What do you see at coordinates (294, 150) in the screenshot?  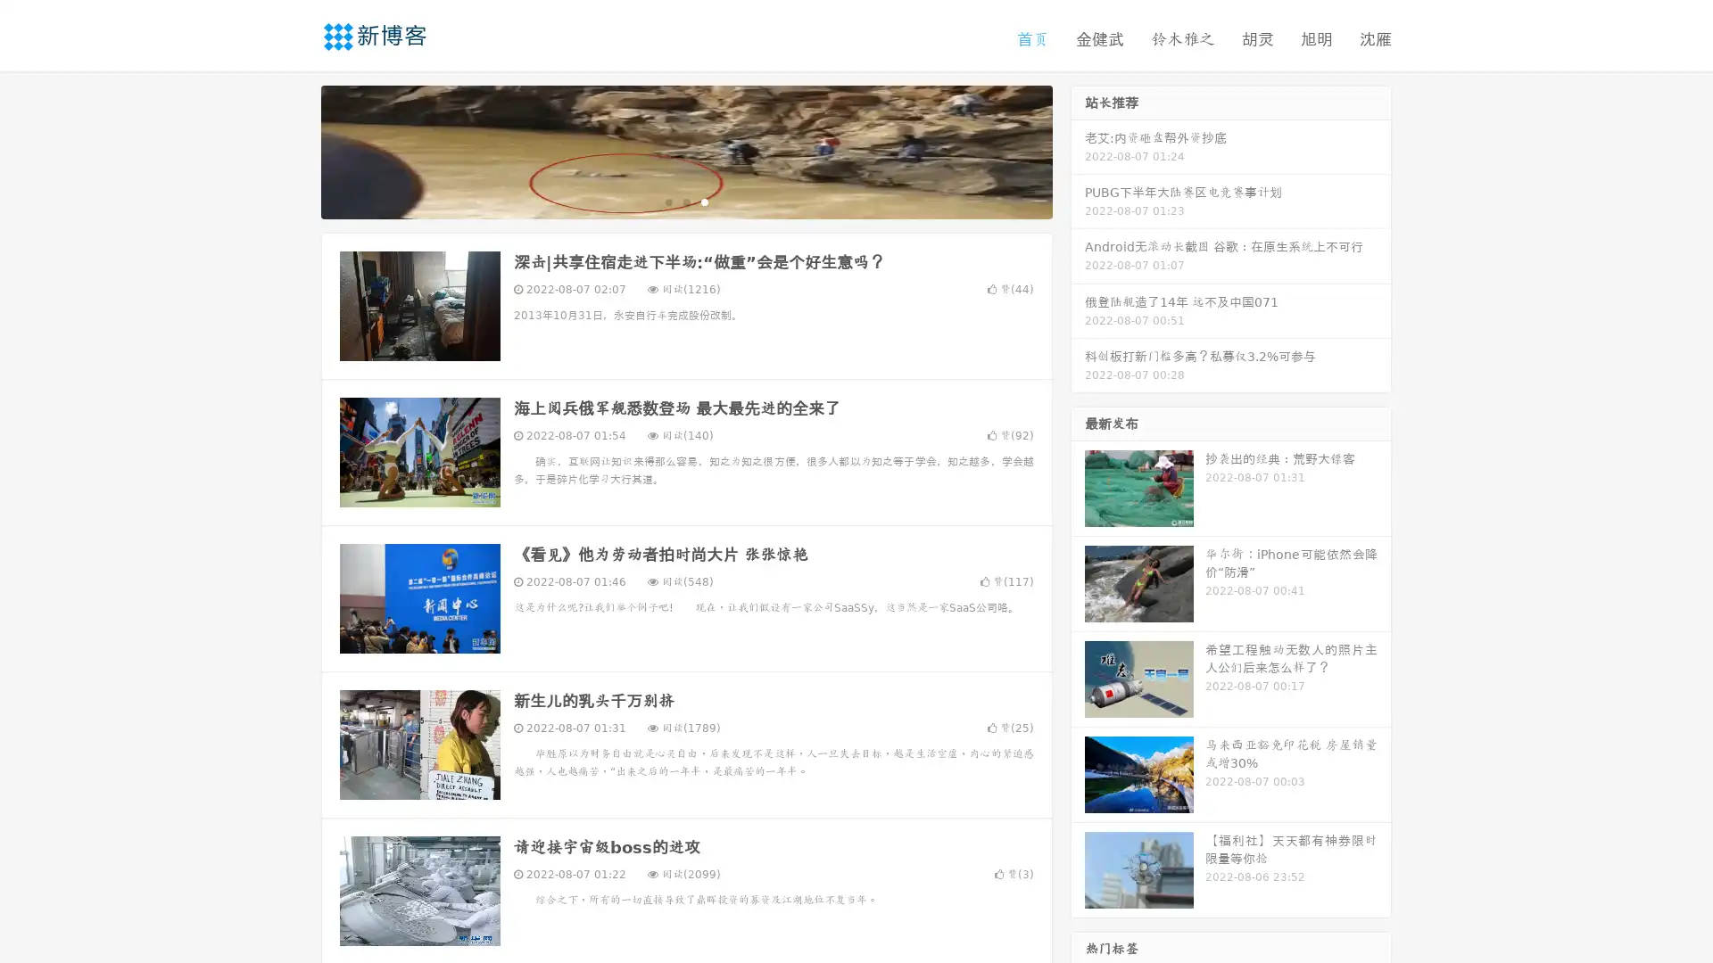 I see `Previous slide` at bounding box center [294, 150].